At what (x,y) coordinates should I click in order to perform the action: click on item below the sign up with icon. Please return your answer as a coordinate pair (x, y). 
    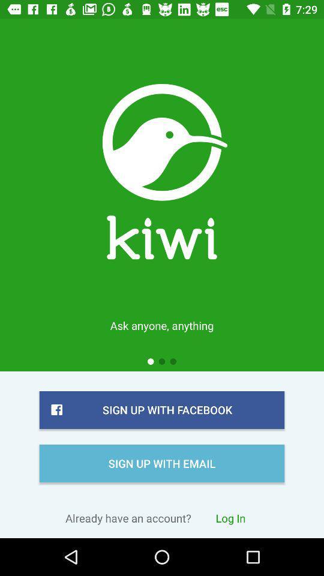
    Looking at the image, I should click on (230, 517).